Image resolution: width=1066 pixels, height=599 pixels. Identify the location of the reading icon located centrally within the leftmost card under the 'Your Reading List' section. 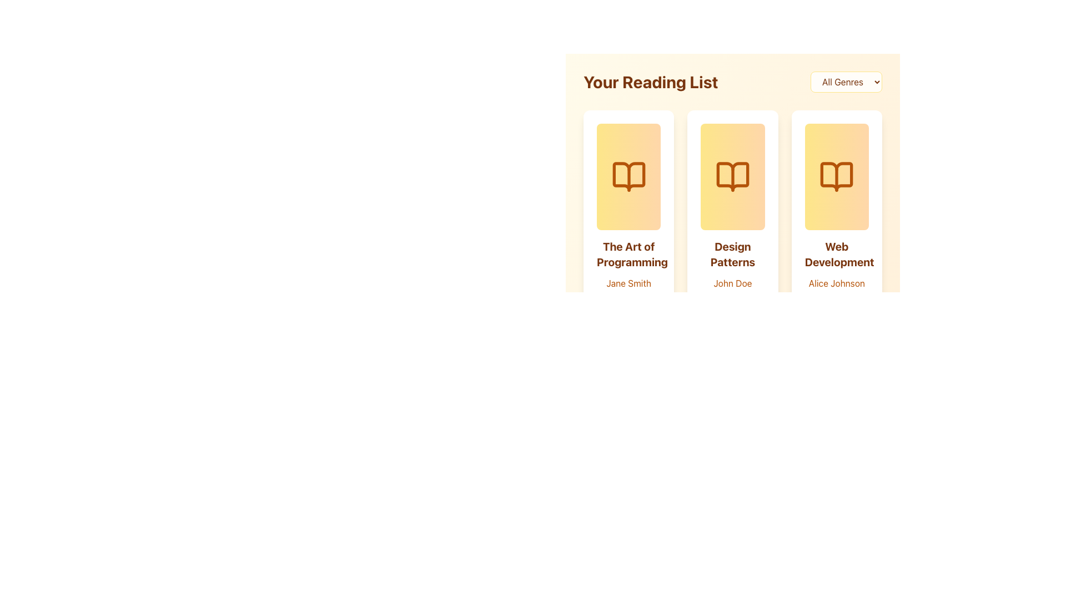
(628, 176).